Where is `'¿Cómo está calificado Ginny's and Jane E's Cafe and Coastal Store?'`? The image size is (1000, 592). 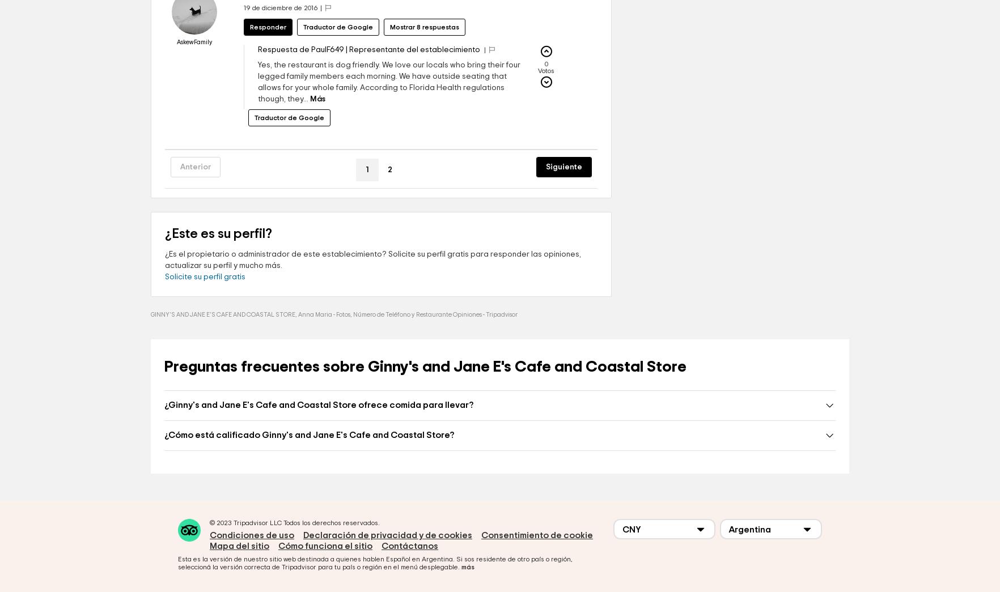
'¿Cómo está calificado Ginny's and Jane E's Cafe and Coastal Store?' is located at coordinates (309, 468).